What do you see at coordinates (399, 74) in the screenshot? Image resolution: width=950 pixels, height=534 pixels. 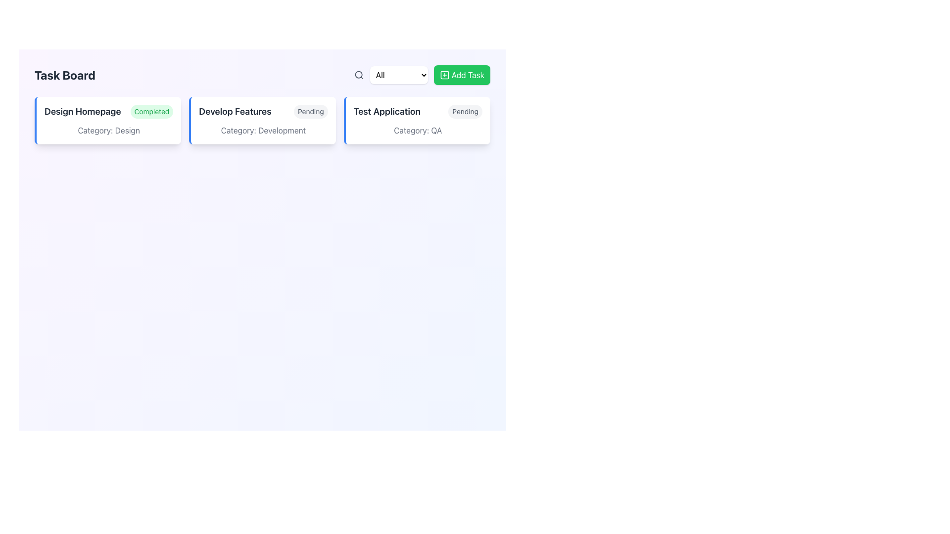 I see `the Dropdown Menu displaying 'AllCompleteIncomplete'` at bounding box center [399, 74].